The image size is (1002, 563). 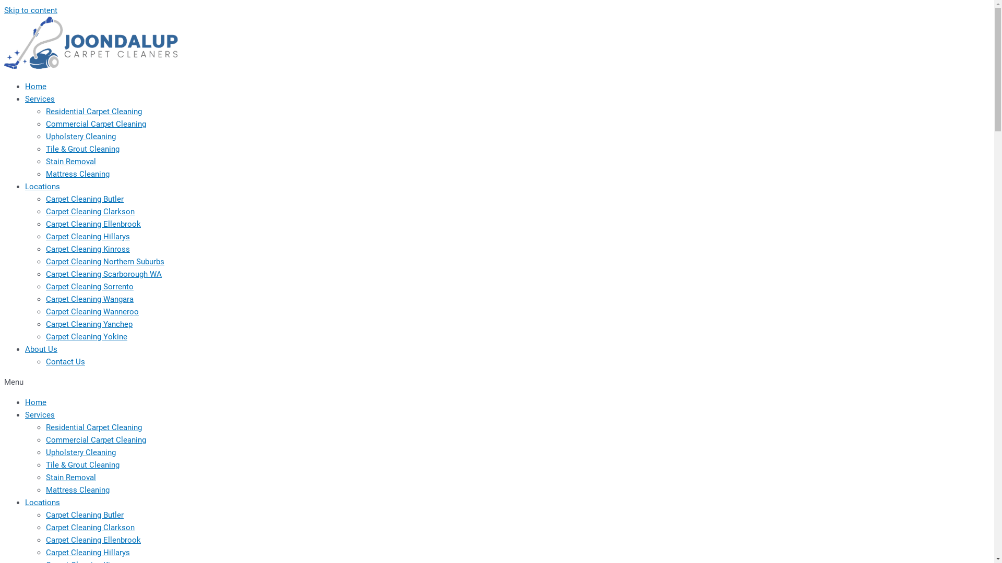 I want to click on 'Carpet Cleaning Butler', so click(x=85, y=514).